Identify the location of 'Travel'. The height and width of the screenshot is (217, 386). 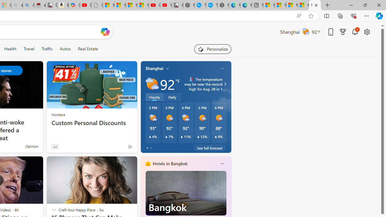
(29, 49).